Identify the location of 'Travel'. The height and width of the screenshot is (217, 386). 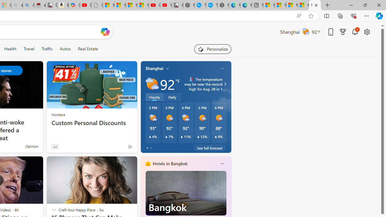
(29, 49).